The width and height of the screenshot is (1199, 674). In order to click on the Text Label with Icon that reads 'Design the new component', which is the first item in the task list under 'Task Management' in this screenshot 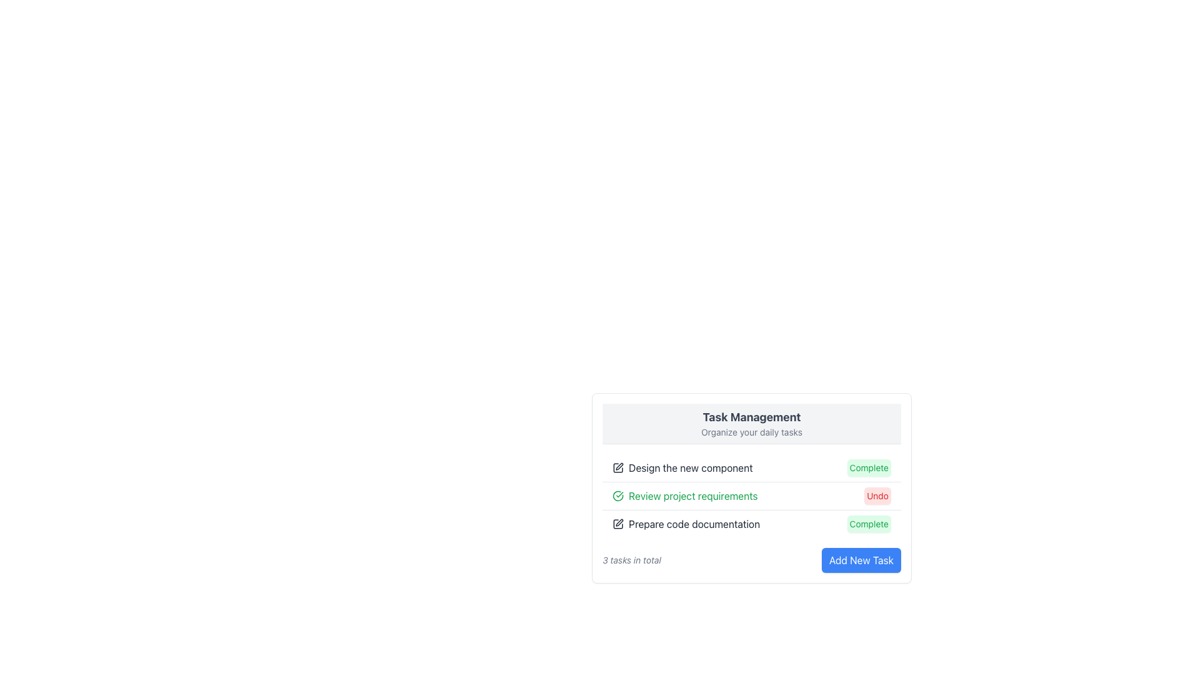, I will do `click(682, 467)`.